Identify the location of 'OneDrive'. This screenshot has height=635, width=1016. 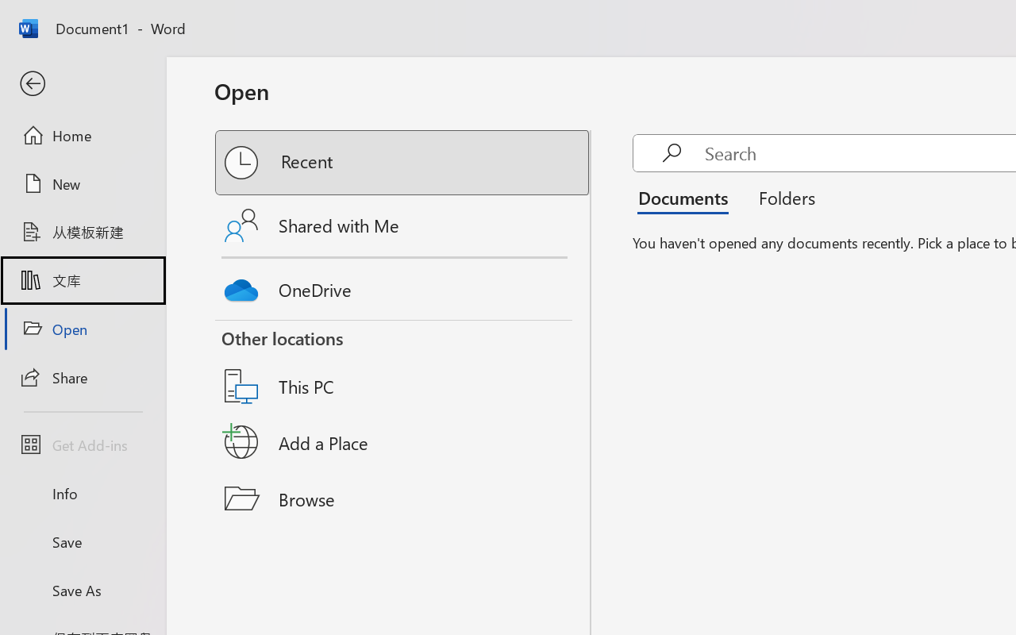
(403, 286).